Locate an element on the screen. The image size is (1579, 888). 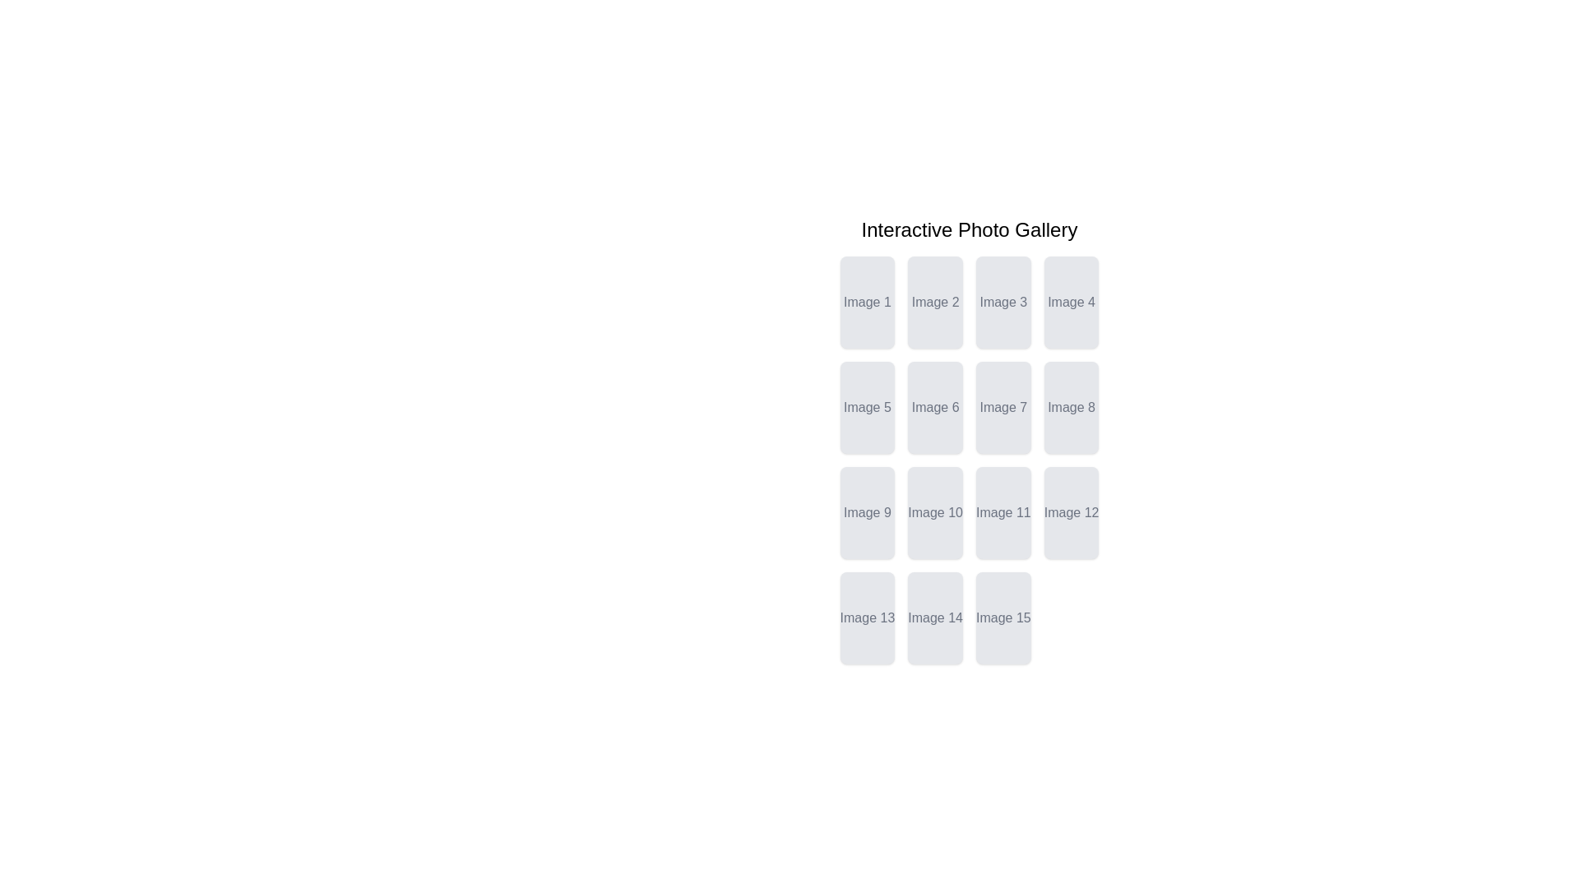
the Image card or tile representing 'Image 14' in the photo gallery is located at coordinates (935, 618).